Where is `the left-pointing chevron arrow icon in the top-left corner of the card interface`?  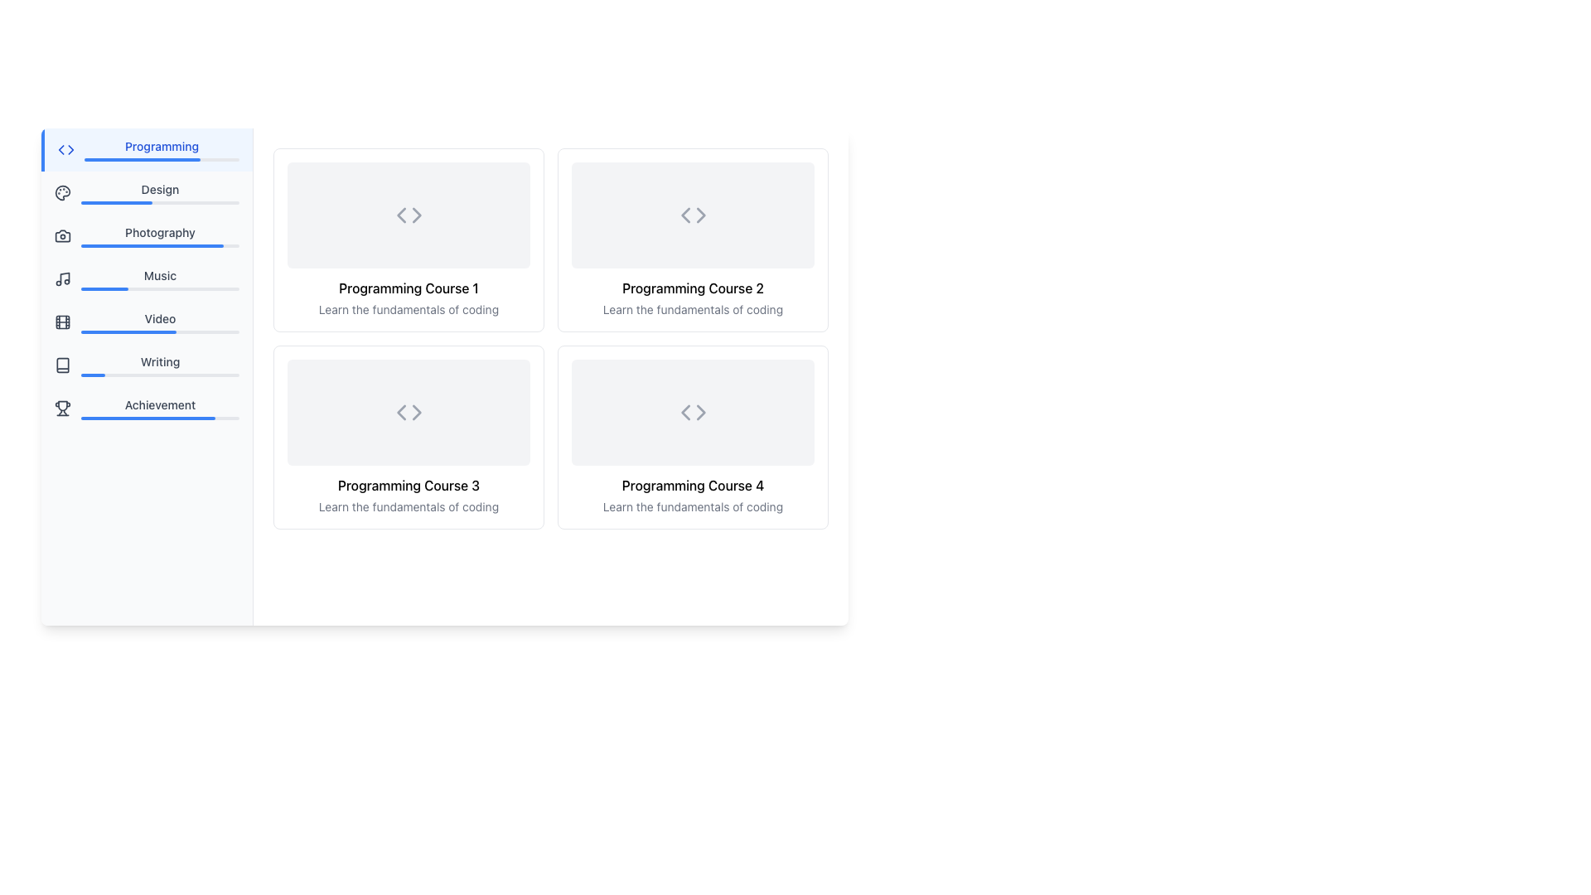
the left-pointing chevron arrow icon in the top-left corner of the card interface is located at coordinates (401, 214).